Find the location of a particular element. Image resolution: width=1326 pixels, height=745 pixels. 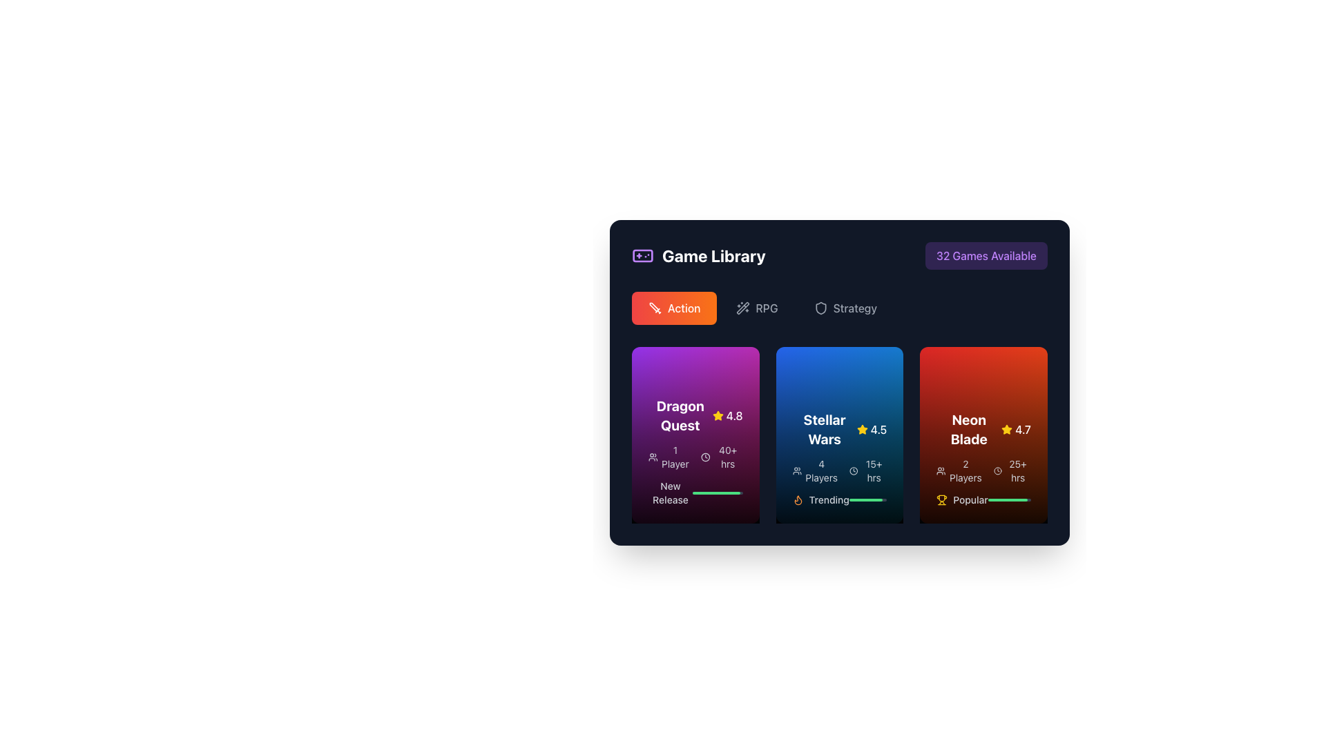

the 'RPG' category label is located at coordinates (766, 308).